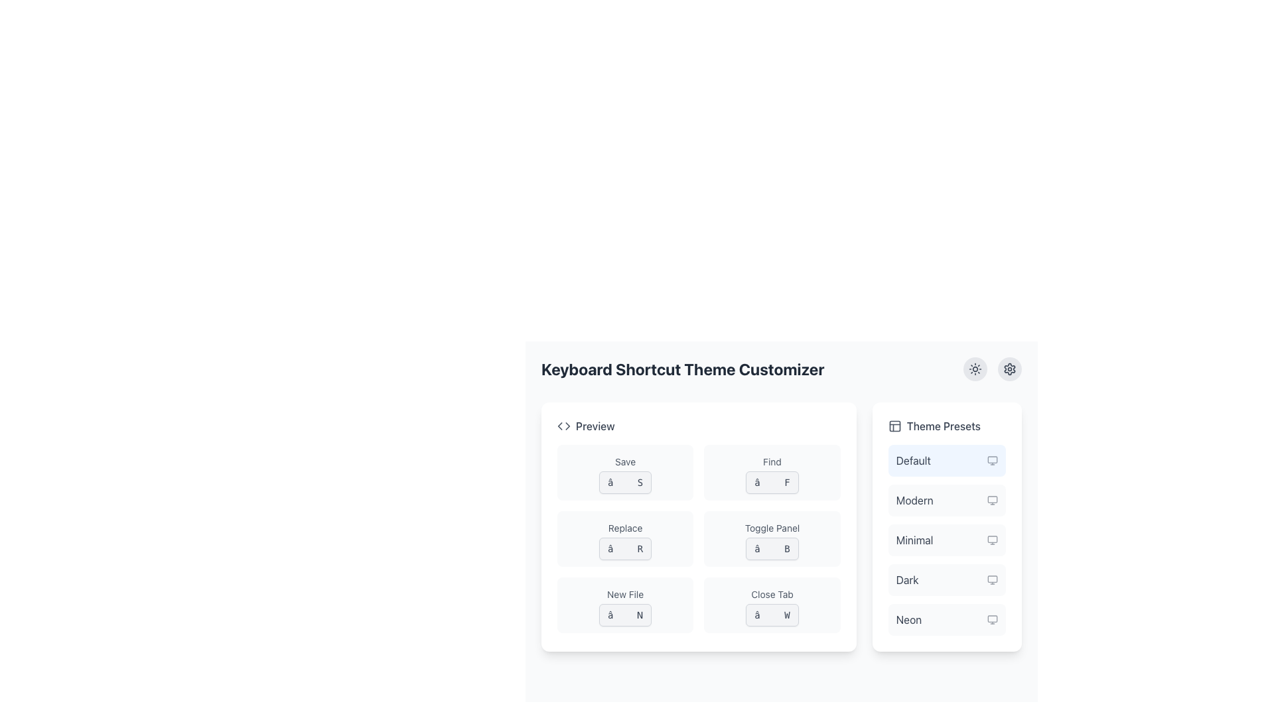  Describe the element at coordinates (906, 579) in the screenshot. I see `the text label displaying 'Dark' in a capitalized format, which is the fourth item in the 'Theme Presets' section, positioned below 'Minimal' and above 'Neon'` at that location.